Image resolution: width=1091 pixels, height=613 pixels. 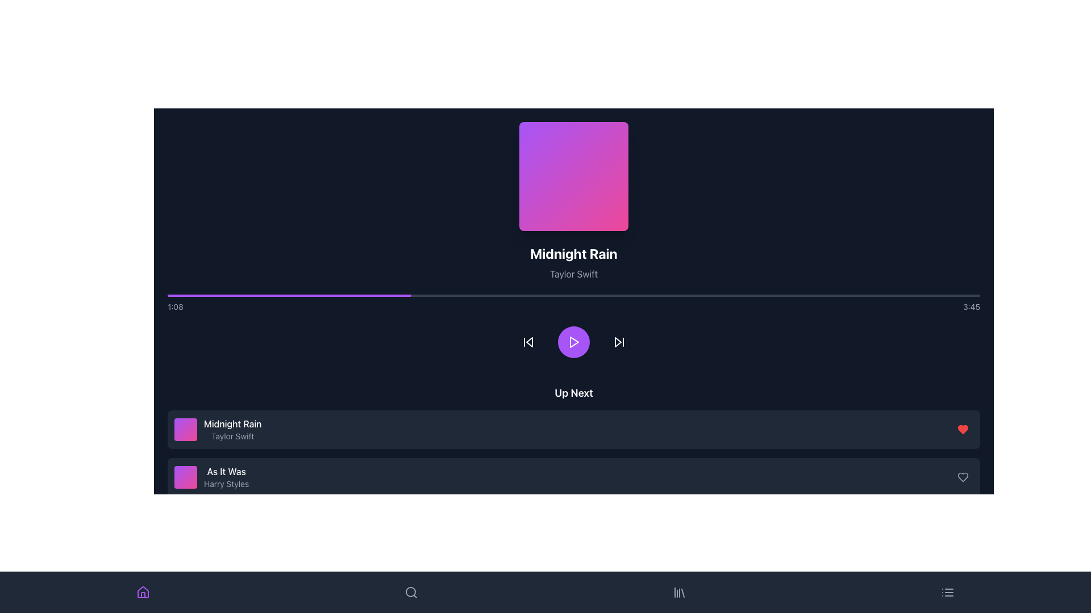 I want to click on the static text label reading 'Harry Styles', which is located below 'As It Was' in the 'Up Next' section of the song list, so click(x=226, y=484).